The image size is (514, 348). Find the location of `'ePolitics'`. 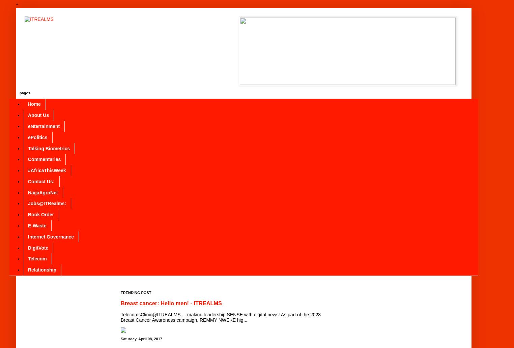

'ePolitics' is located at coordinates (37, 137).